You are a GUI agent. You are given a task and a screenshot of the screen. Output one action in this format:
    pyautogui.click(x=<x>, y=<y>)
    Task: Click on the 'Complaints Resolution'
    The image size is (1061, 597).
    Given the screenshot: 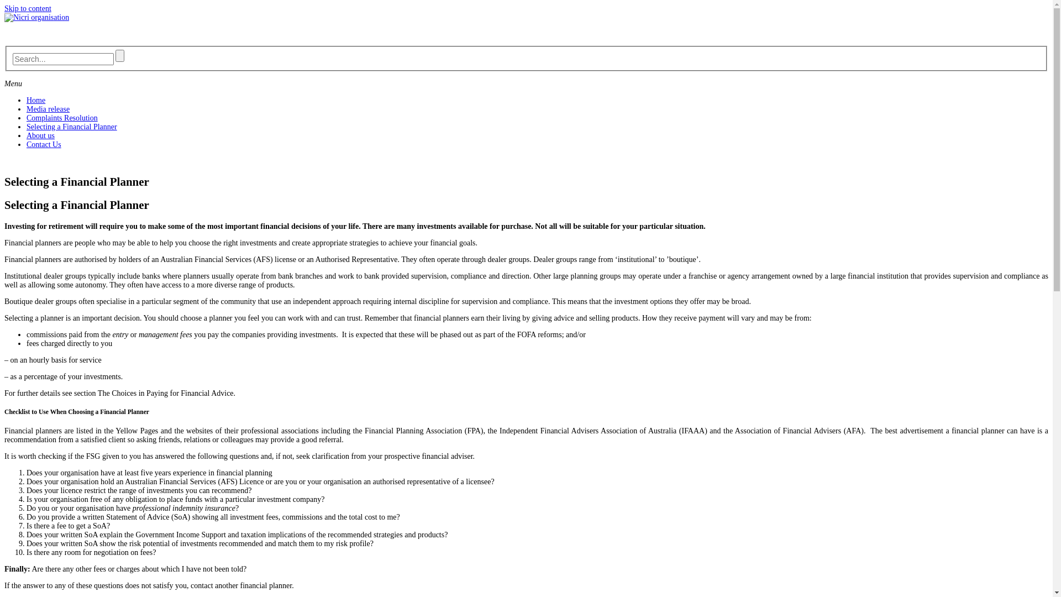 What is the action you would take?
    pyautogui.click(x=61, y=118)
    